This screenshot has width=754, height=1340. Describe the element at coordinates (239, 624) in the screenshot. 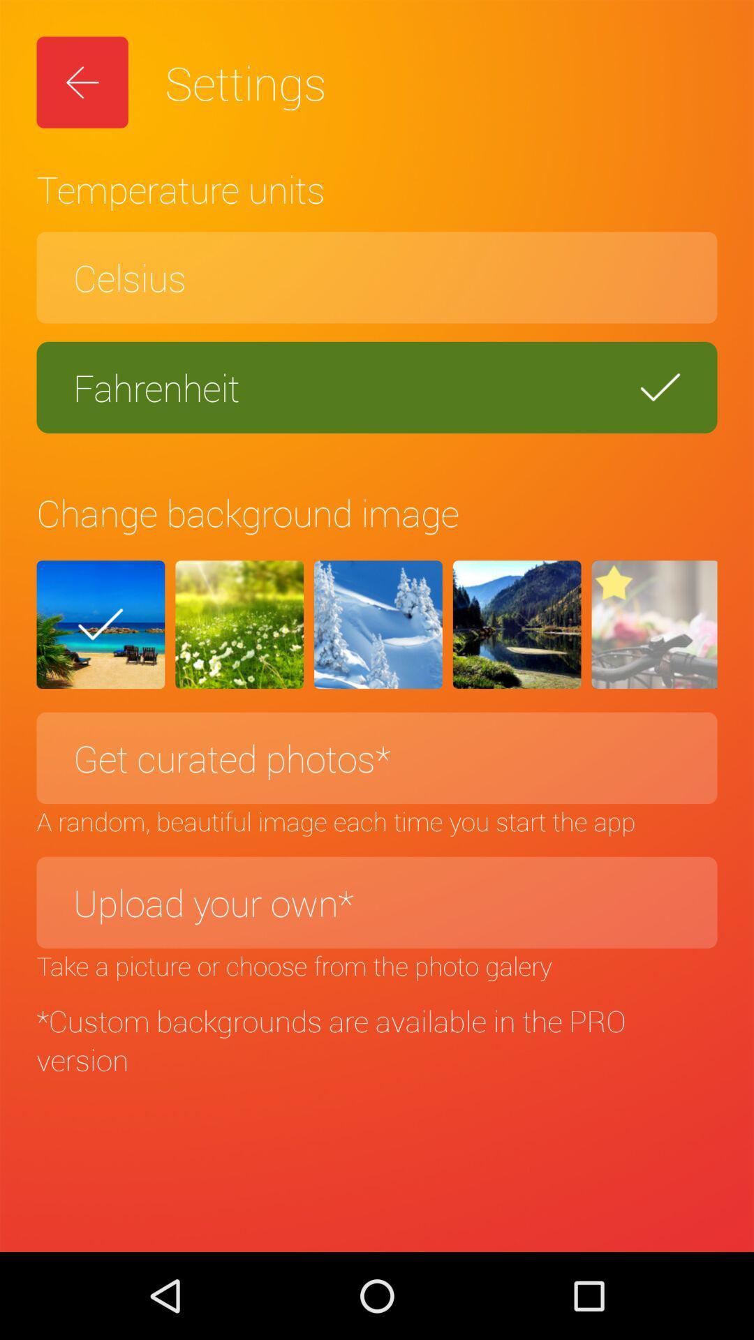

I see `icon above the get curated photos*` at that location.